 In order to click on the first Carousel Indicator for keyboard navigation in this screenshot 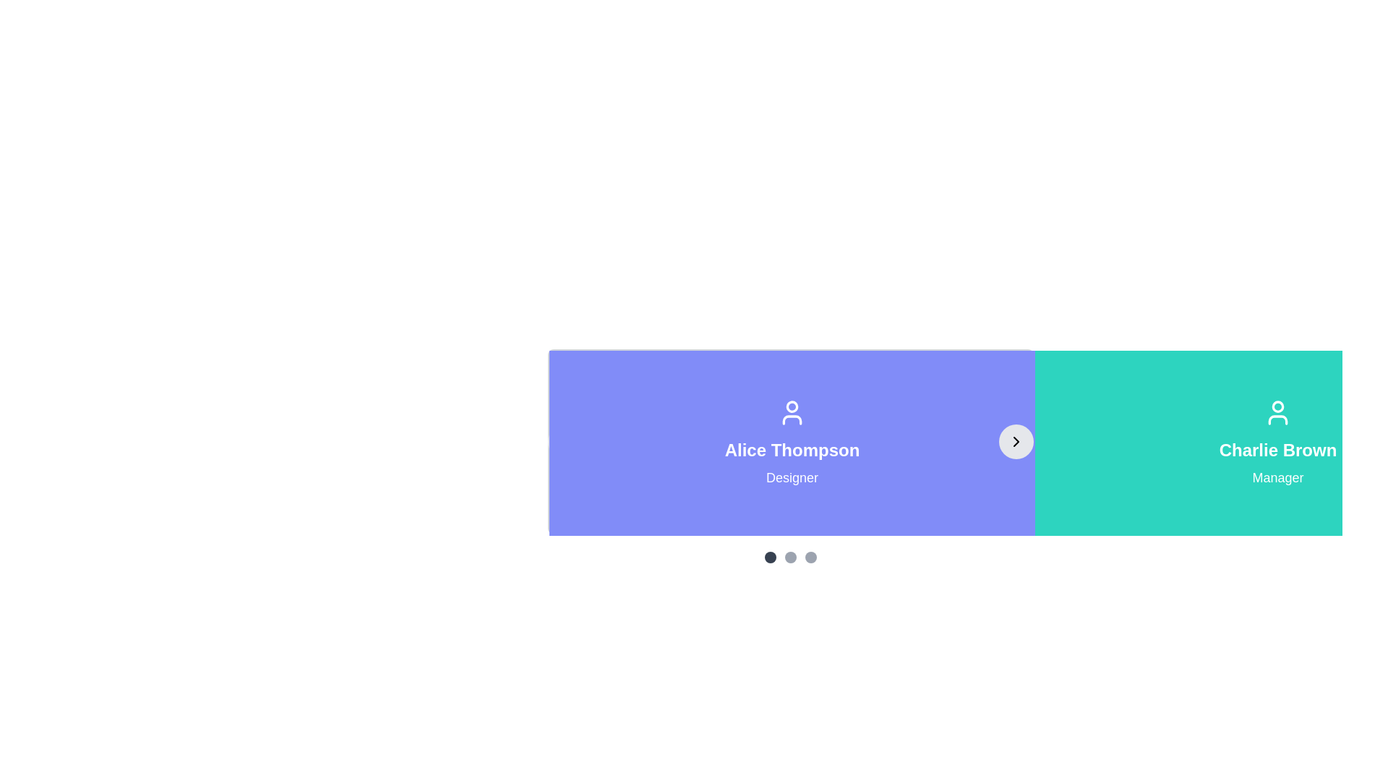, I will do `click(769, 557)`.